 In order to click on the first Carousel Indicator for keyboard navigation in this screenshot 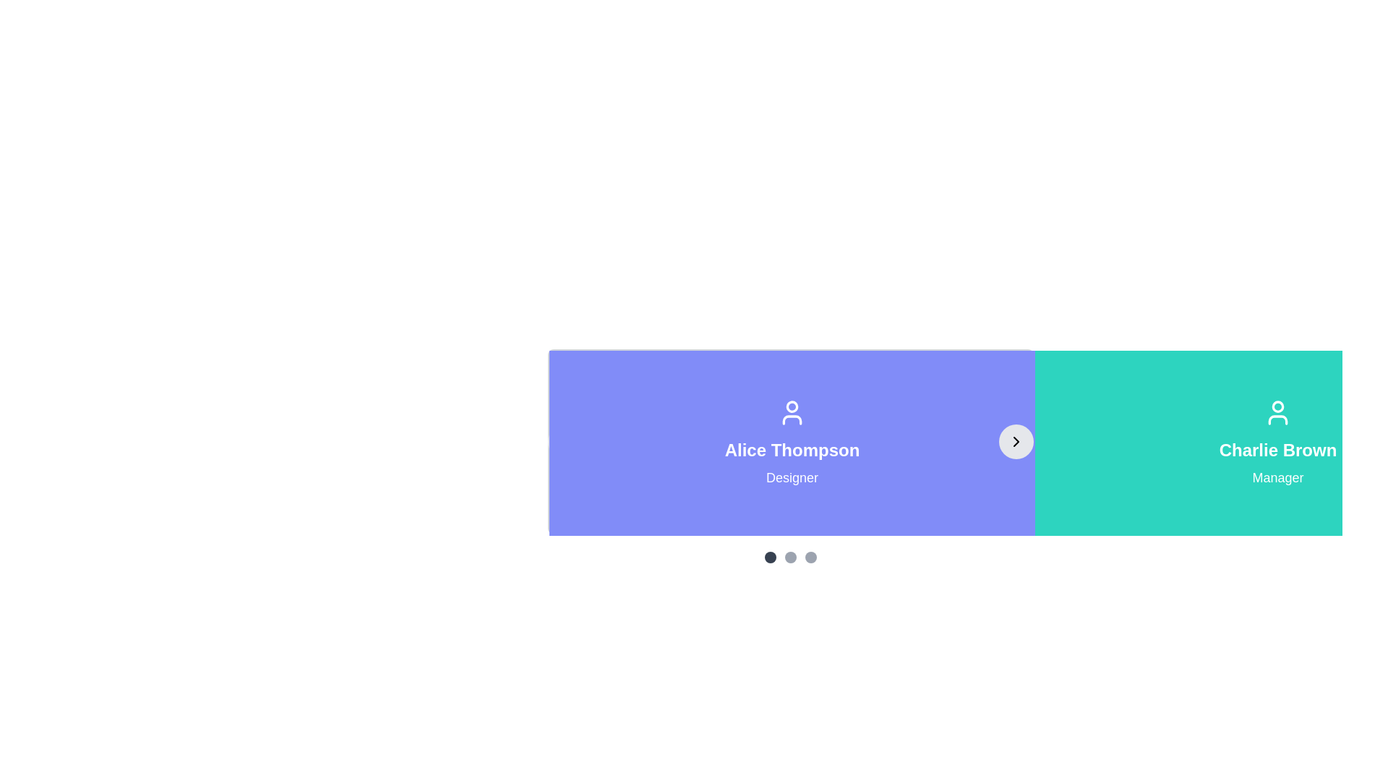, I will do `click(769, 557)`.